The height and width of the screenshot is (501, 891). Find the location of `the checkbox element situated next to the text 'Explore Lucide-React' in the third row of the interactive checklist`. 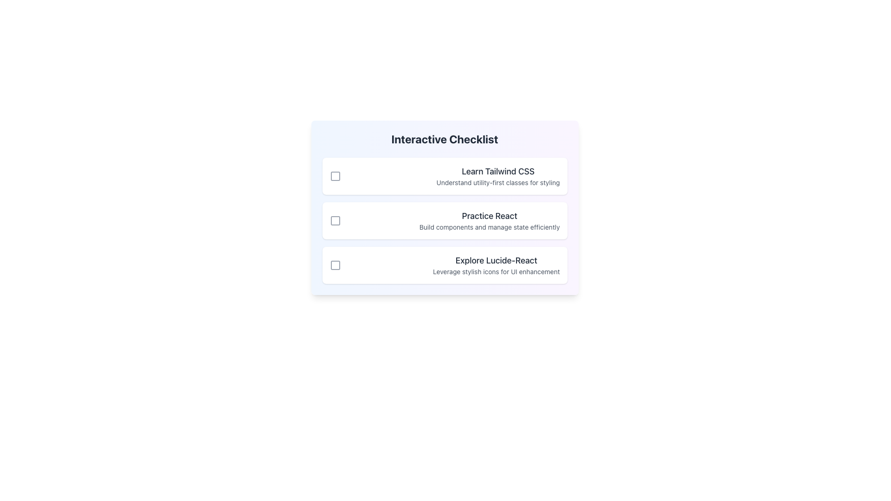

the checkbox element situated next to the text 'Explore Lucide-React' in the third row of the interactive checklist is located at coordinates (335, 265).